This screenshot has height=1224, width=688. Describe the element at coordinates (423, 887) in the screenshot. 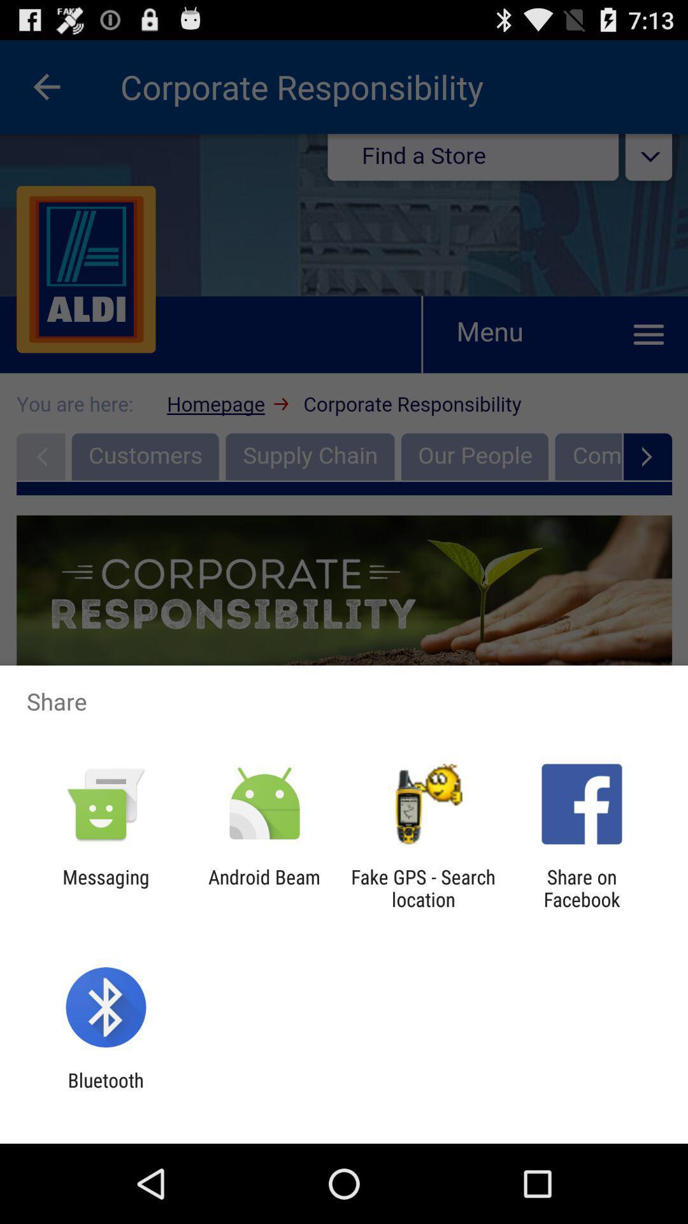

I see `fake gps search` at that location.